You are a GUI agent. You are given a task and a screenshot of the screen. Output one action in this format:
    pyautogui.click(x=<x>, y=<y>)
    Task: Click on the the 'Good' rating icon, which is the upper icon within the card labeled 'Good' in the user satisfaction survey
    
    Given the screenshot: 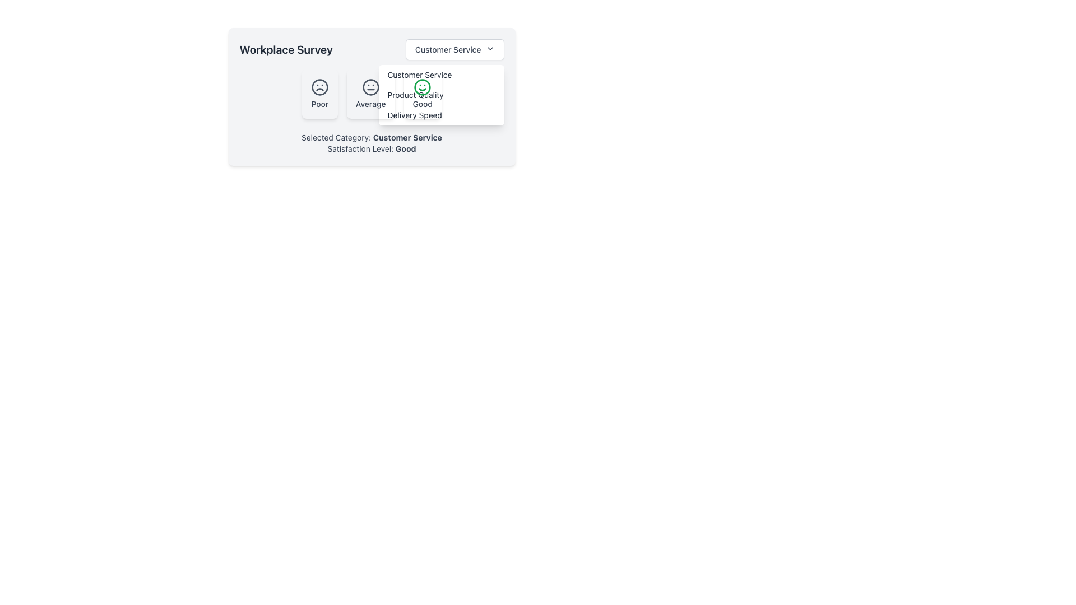 What is the action you would take?
    pyautogui.click(x=422, y=86)
    